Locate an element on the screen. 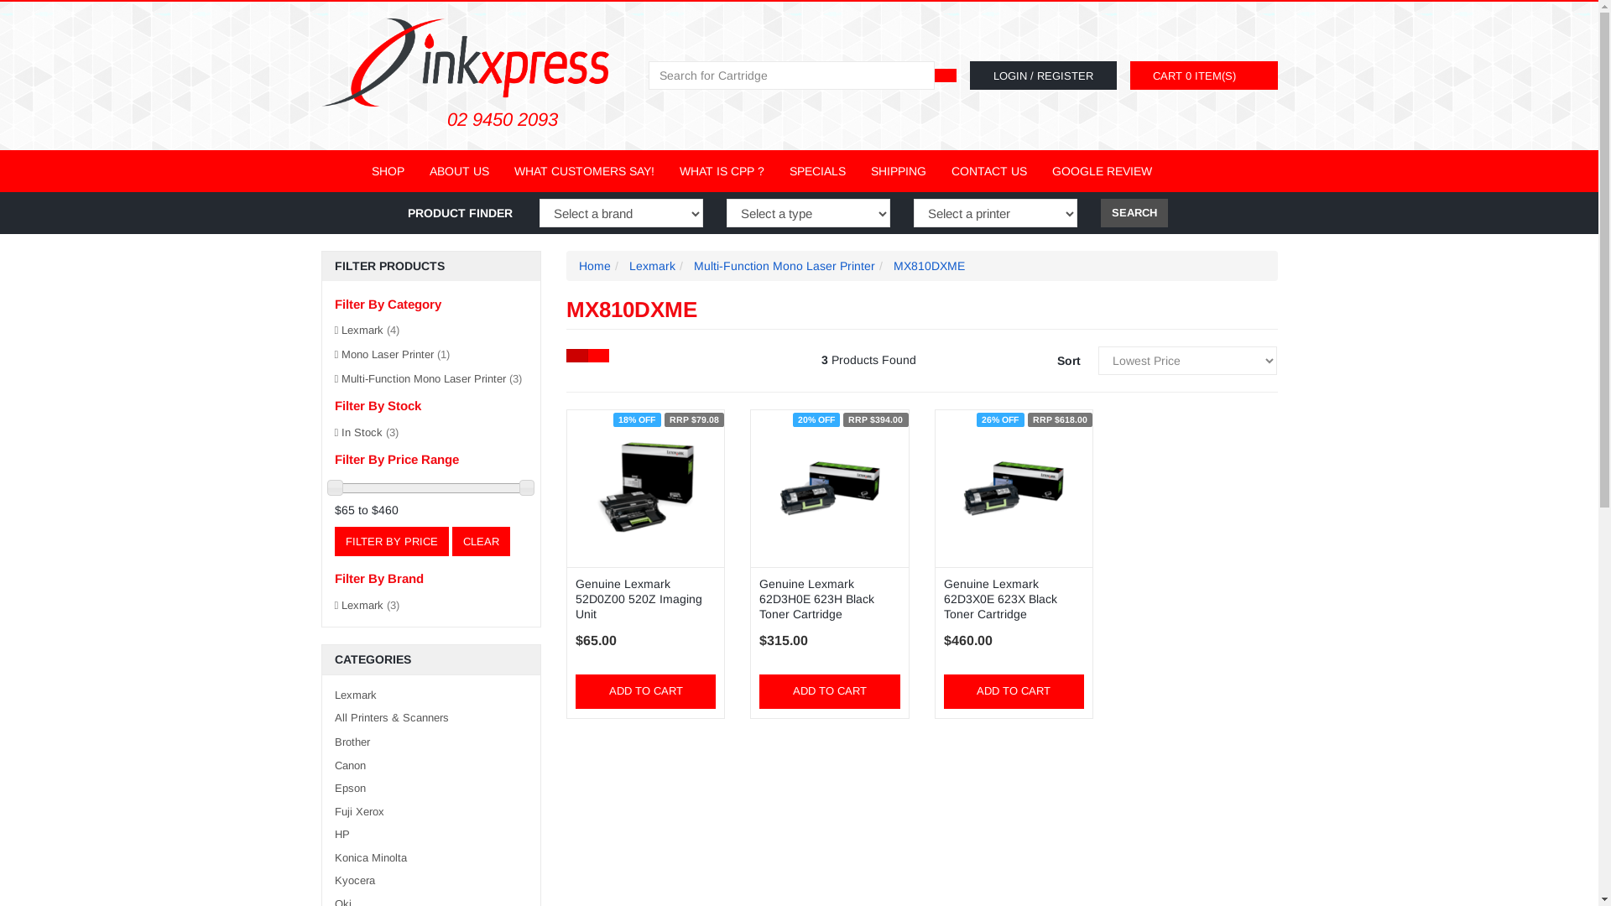 Image resolution: width=1611 pixels, height=906 pixels. 'LOGIN' is located at coordinates (1009, 71).